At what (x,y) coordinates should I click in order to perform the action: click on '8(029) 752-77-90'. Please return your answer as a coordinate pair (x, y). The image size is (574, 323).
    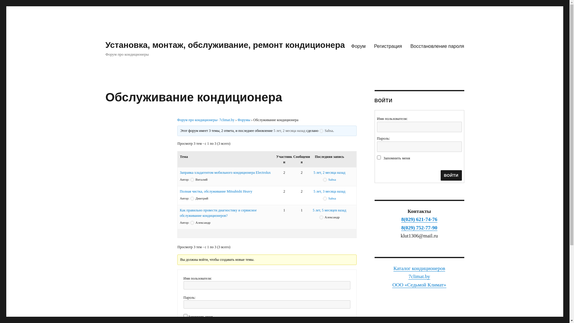
    Looking at the image, I should click on (401, 228).